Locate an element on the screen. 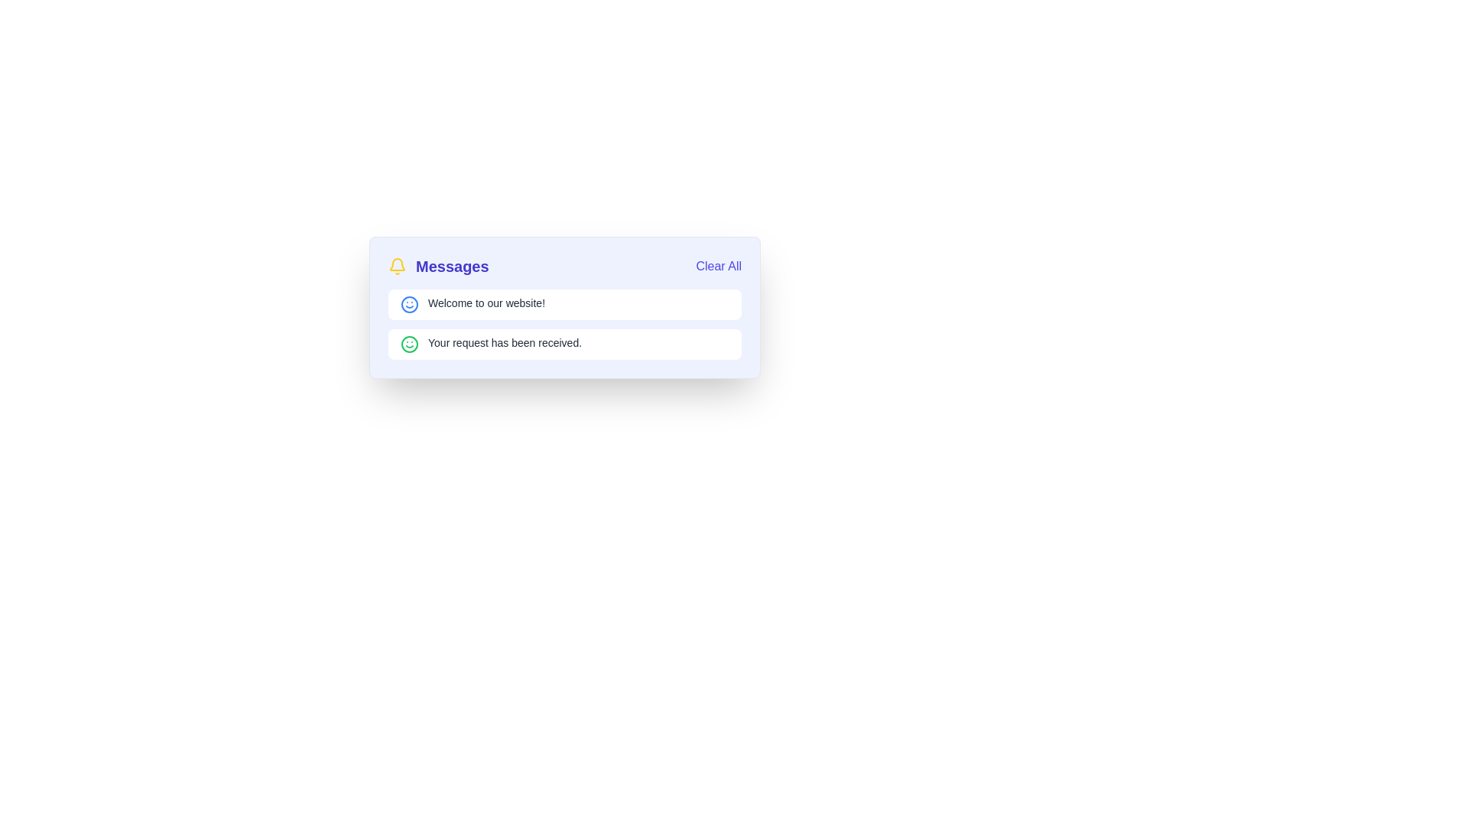 This screenshot has height=825, width=1468. 'Messages' header section that contains a notification icon on the left, a bold indigo title in the middle, and a 'Clear All' link on the right to understand its functionality is located at coordinates (564, 265).